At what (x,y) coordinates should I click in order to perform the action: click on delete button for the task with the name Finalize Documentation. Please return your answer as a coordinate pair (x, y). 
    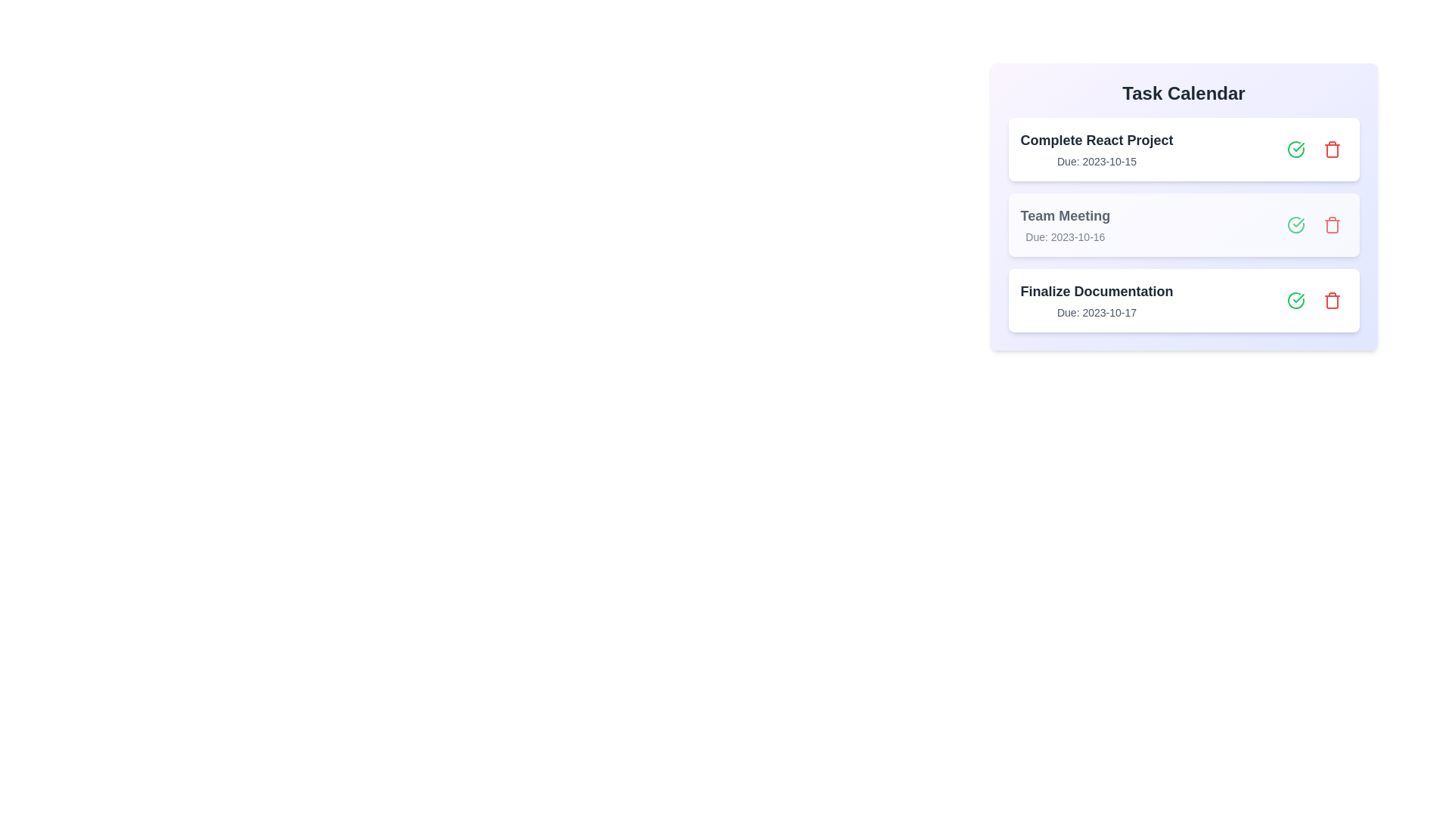
    Looking at the image, I should click on (1332, 300).